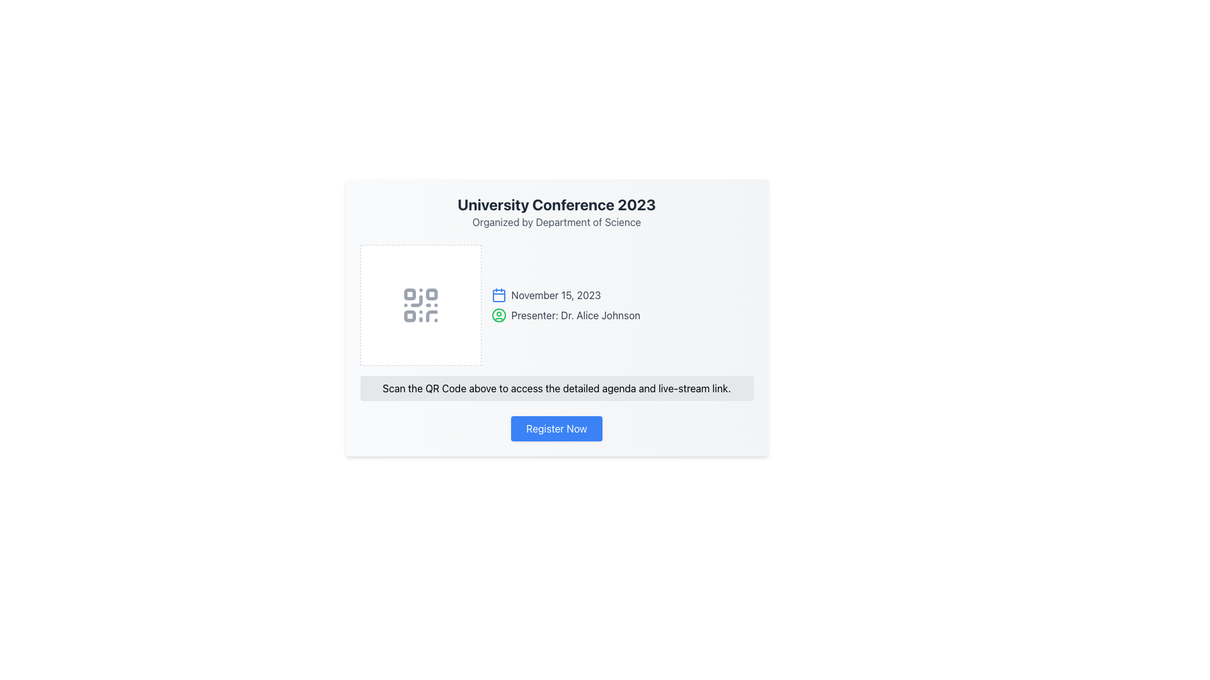 The width and height of the screenshot is (1210, 680). I want to click on text label that says 'Organized by Department of Science', which is styled in gray and located directly under the title 'University Conference 2023', so click(556, 222).